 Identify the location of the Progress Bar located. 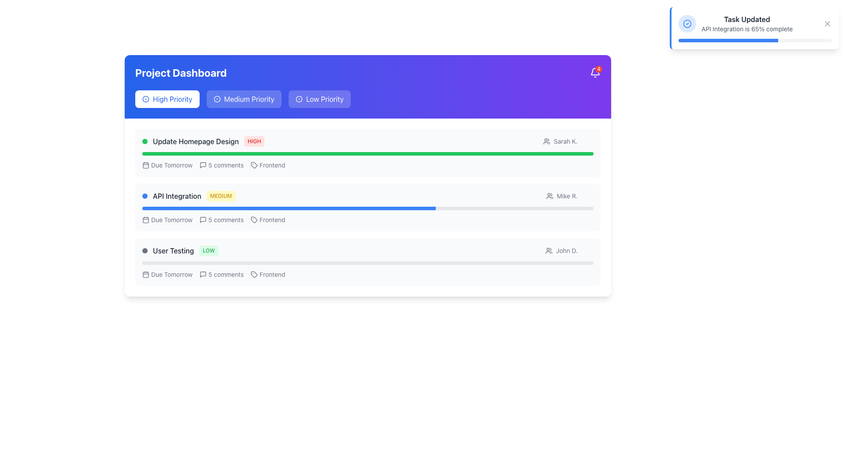
(368, 208).